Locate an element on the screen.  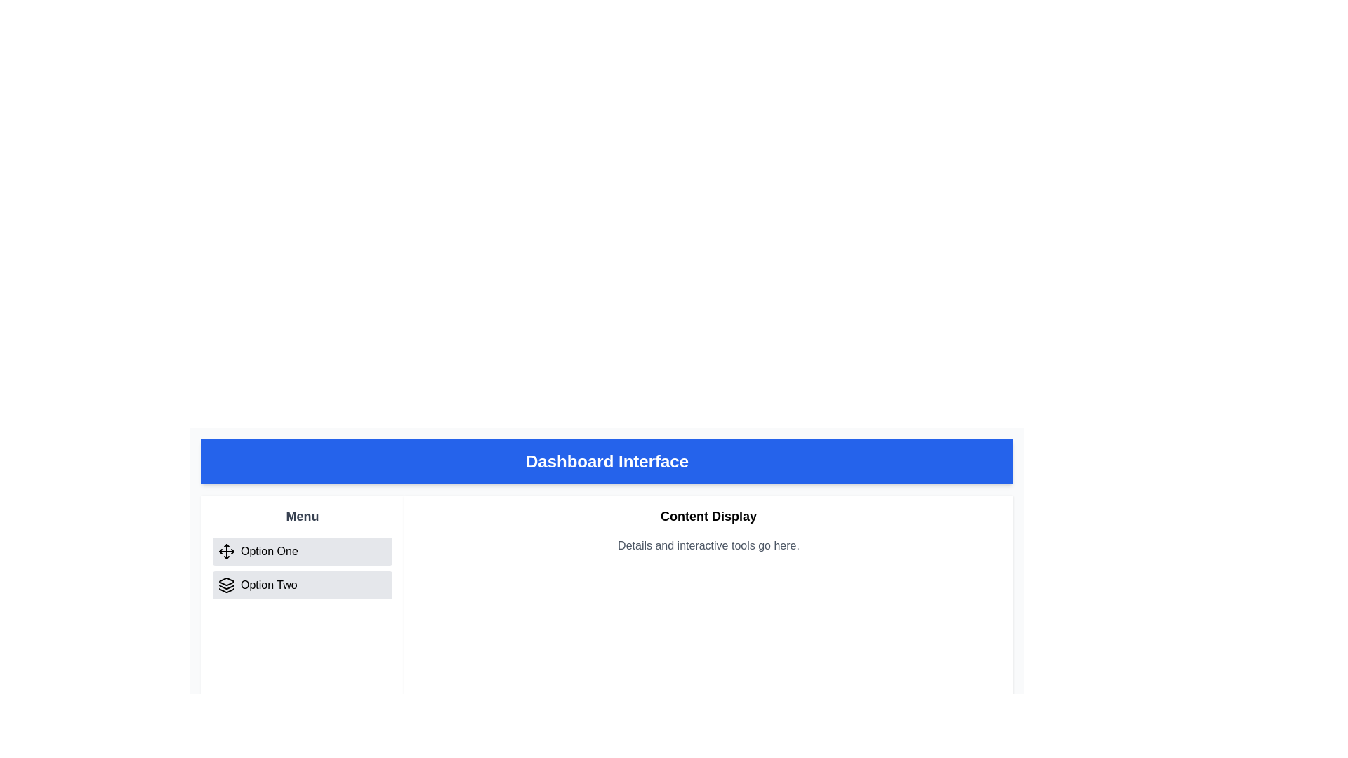
the third icon in the left-hand menu area under the 'Menu' header, visually associated with the 'Option Two' item is located at coordinates (226, 590).